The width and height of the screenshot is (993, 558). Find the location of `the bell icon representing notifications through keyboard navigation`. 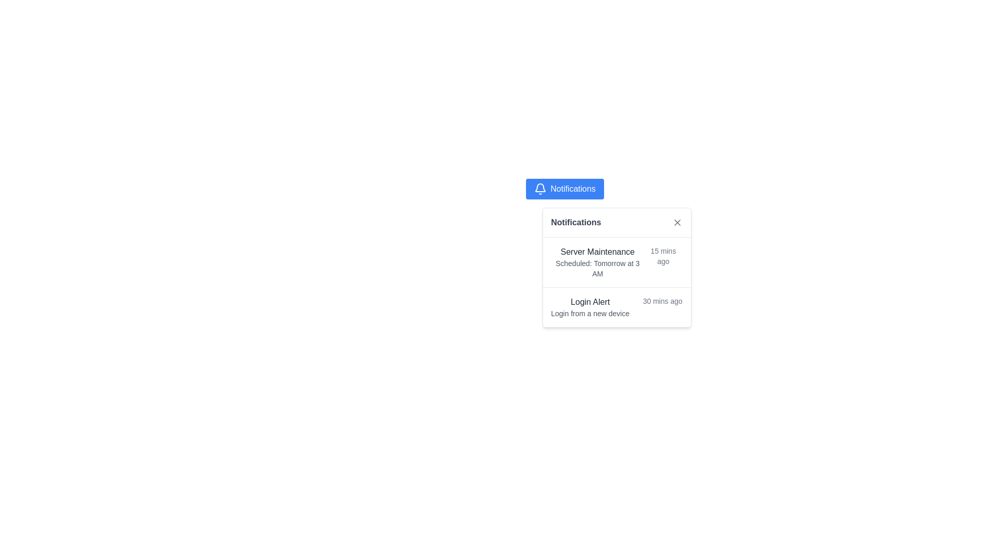

the bell icon representing notifications through keyboard navigation is located at coordinates (539, 189).